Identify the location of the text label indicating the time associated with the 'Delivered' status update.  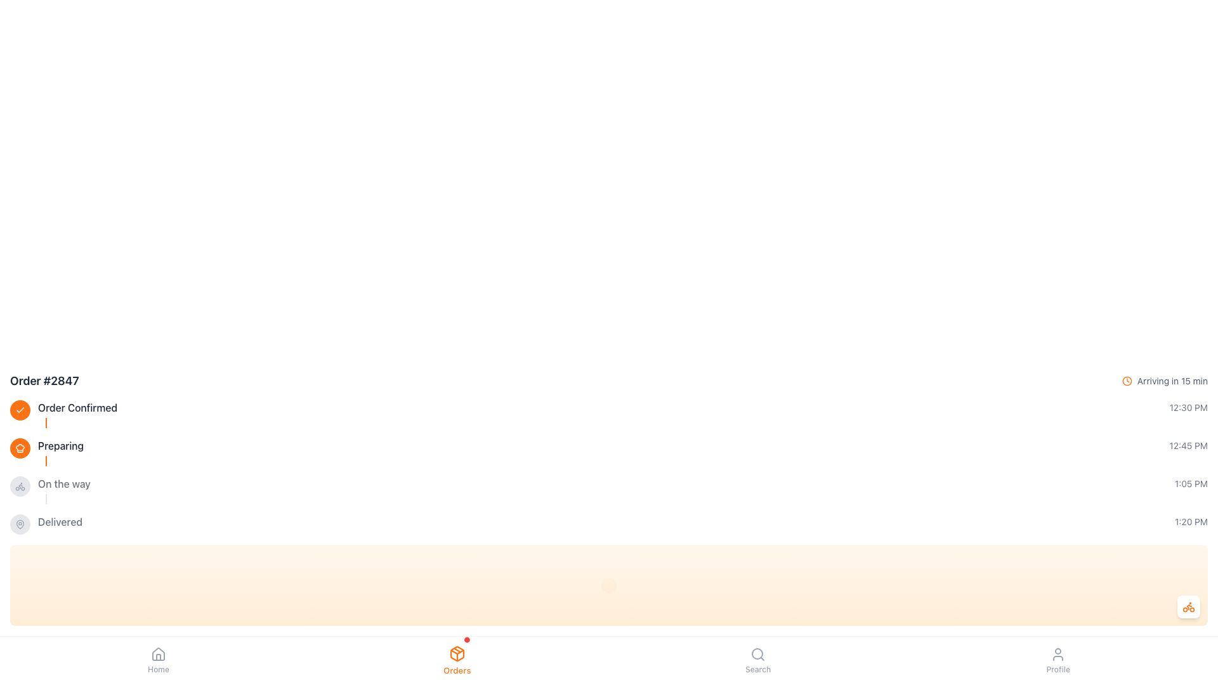
(1190, 521).